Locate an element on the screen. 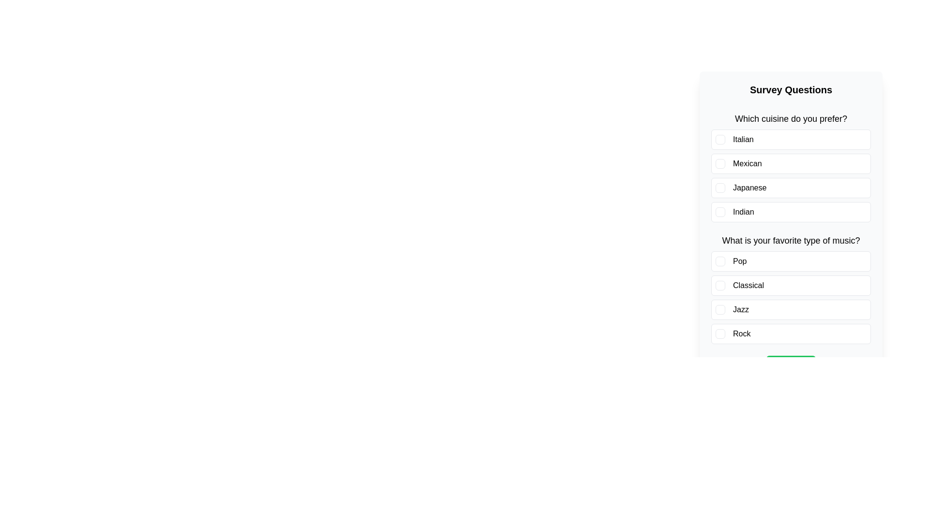  the answer option Italian is located at coordinates (791, 140).